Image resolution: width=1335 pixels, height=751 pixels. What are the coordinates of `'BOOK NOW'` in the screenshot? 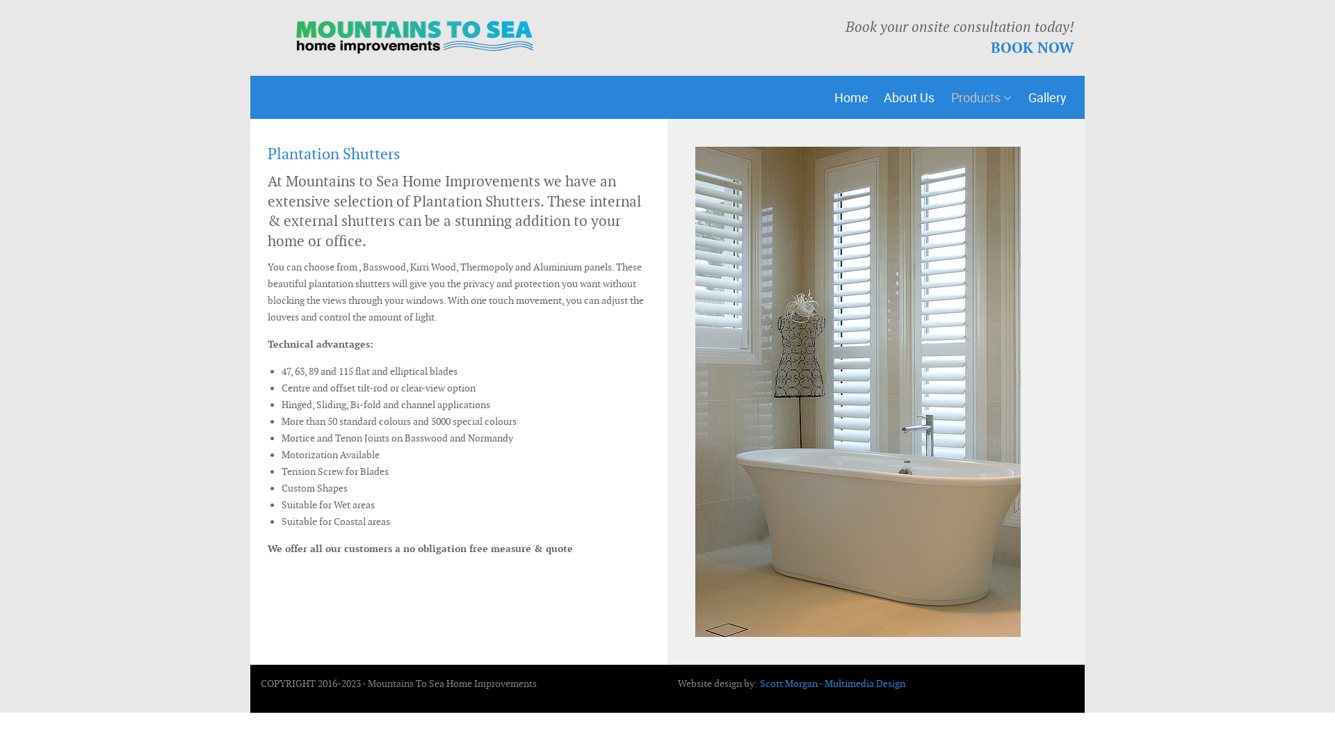 It's located at (1032, 47).